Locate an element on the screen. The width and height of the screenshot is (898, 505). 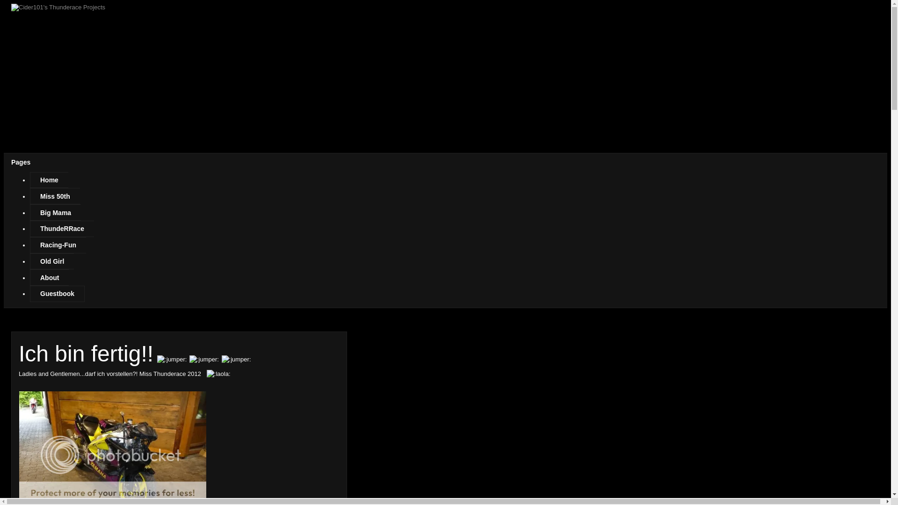
'Big Mama' is located at coordinates (55, 212).